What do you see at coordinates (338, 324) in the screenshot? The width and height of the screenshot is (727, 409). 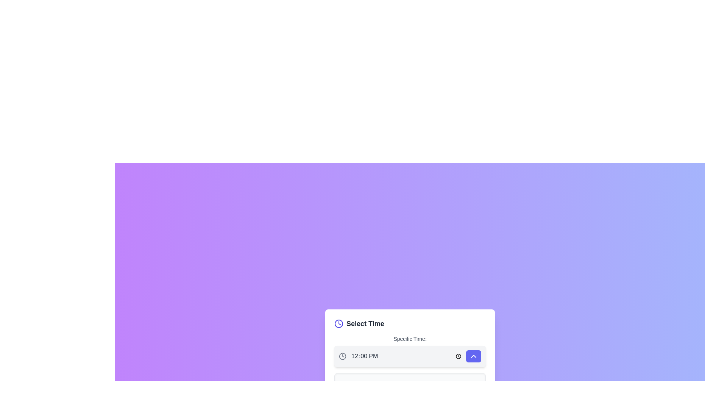 I see `the clock icon SVG located in the header of the 'Select Time' section, positioned to the extreme left of the 'Select Time' text label` at bounding box center [338, 324].